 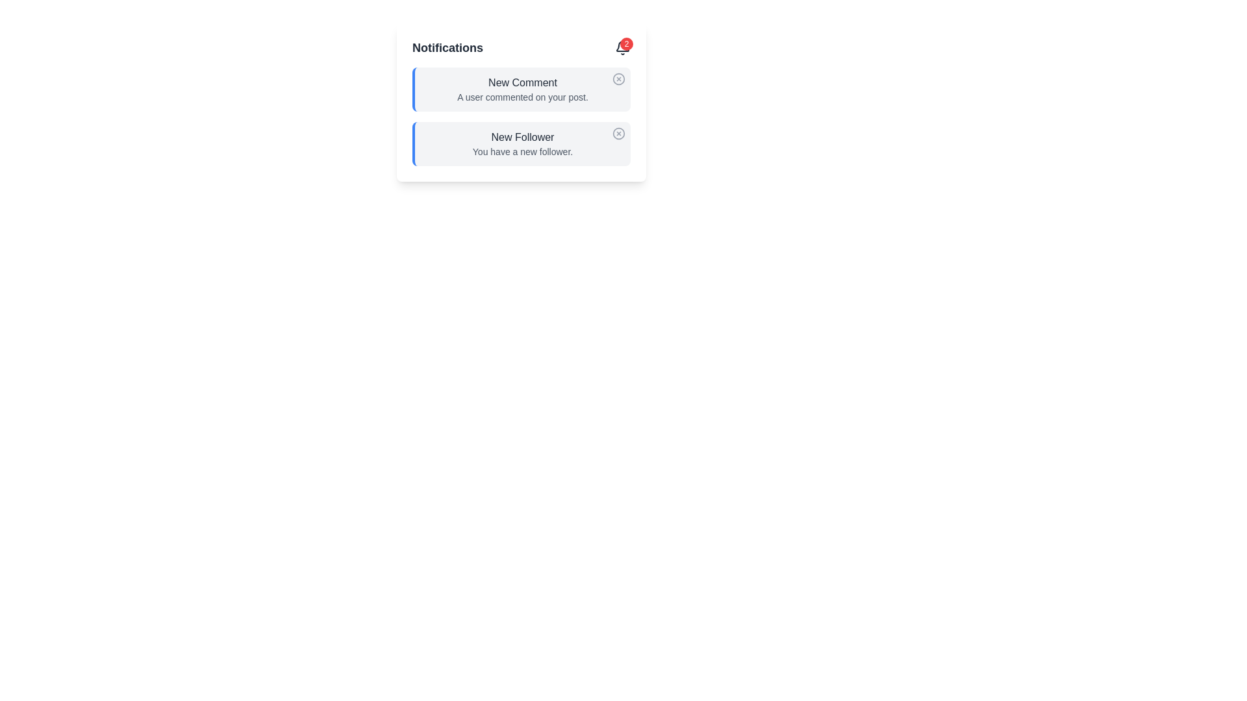 I want to click on the circular 'close' icon, so click(x=618, y=78).